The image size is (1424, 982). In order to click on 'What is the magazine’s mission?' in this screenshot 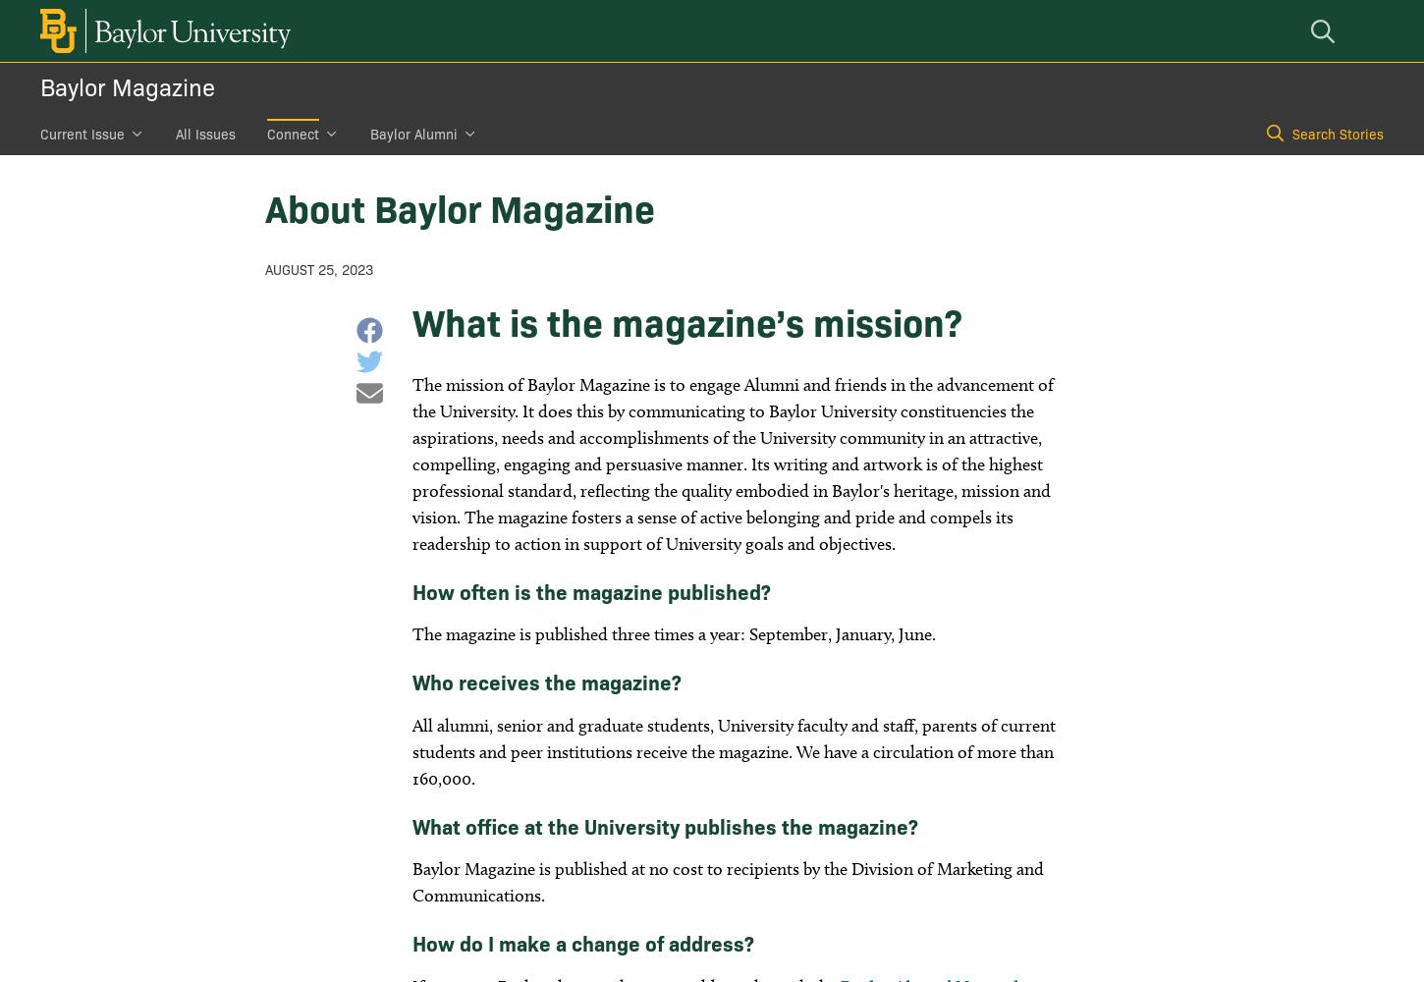, I will do `click(411, 318)`.